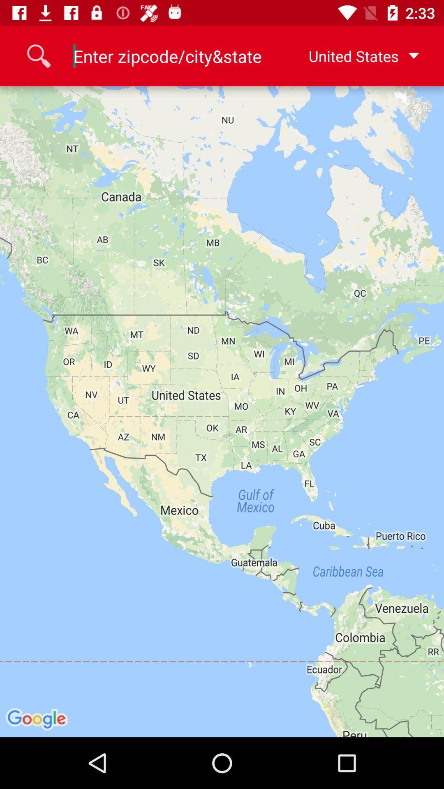 Image resolution: width=444 pixels, height=789 pixels. Describe the element at coordinates (167, 55) in the screenshot. I see `icon to the left of the united states` at that location.